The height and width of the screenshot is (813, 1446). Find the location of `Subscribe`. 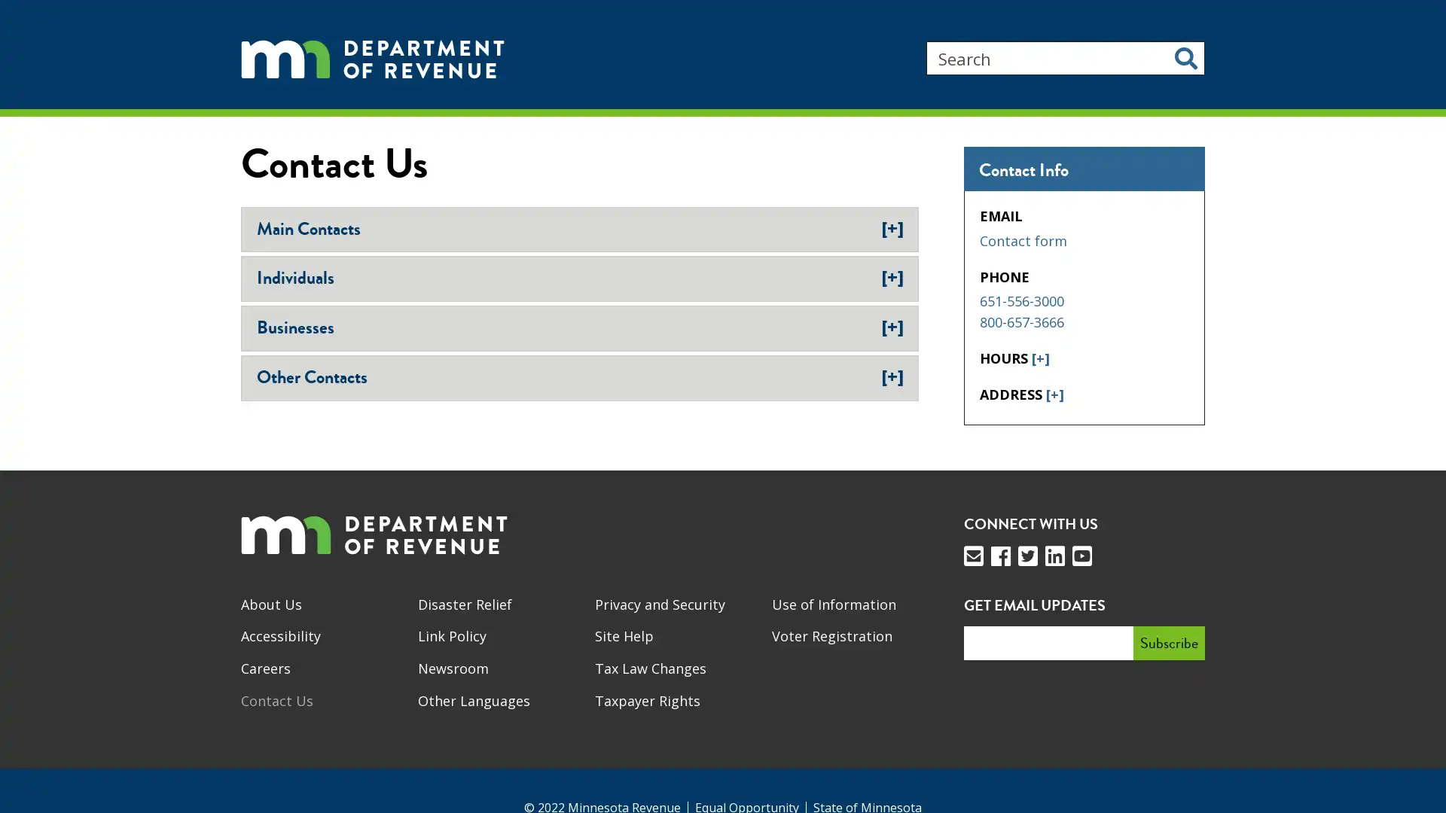

Subscribe is located at coordinates (1168, 713).